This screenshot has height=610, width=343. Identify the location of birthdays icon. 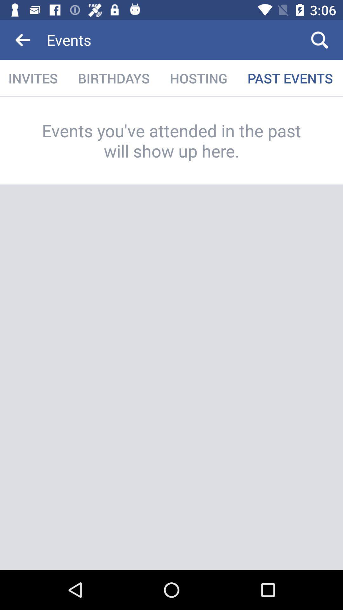
(113, 78).